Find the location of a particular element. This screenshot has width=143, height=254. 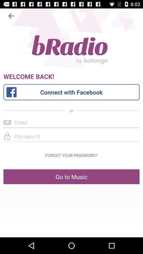

log-in with facebook is located at coordinates (71, 92).